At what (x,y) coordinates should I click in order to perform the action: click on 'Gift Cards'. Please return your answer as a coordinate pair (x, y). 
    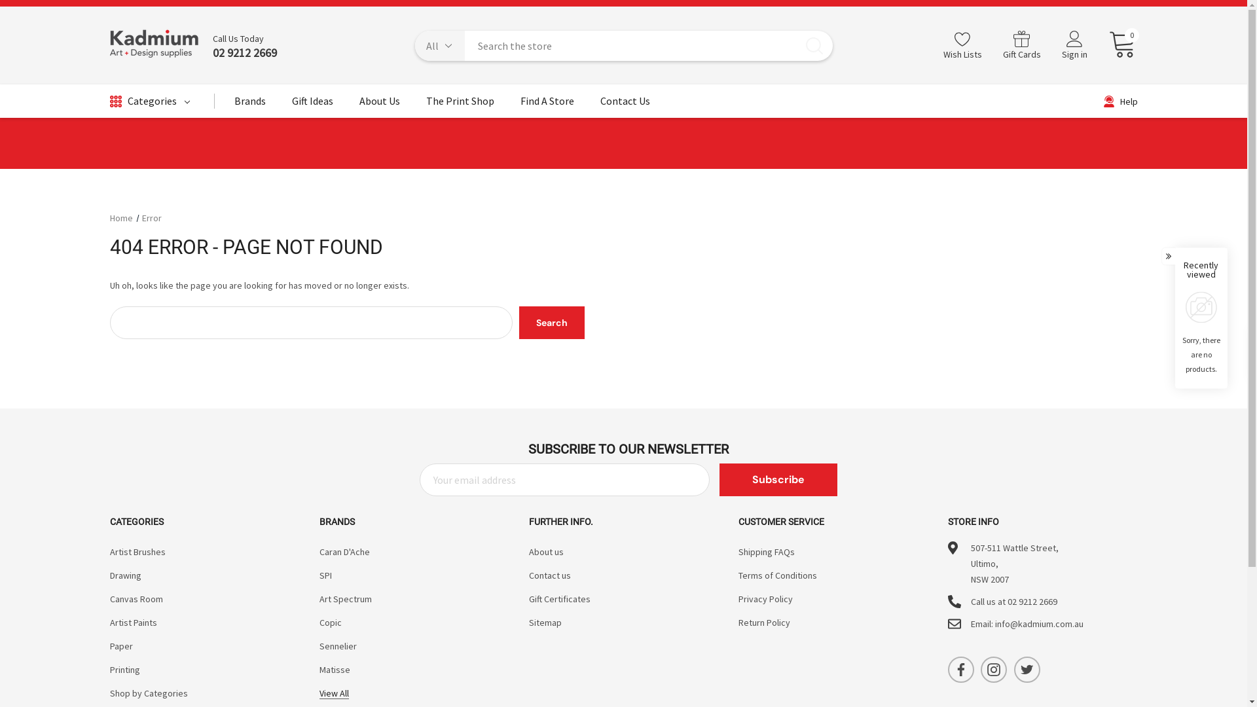
    Looking at the image, I should click on (1021, 45).